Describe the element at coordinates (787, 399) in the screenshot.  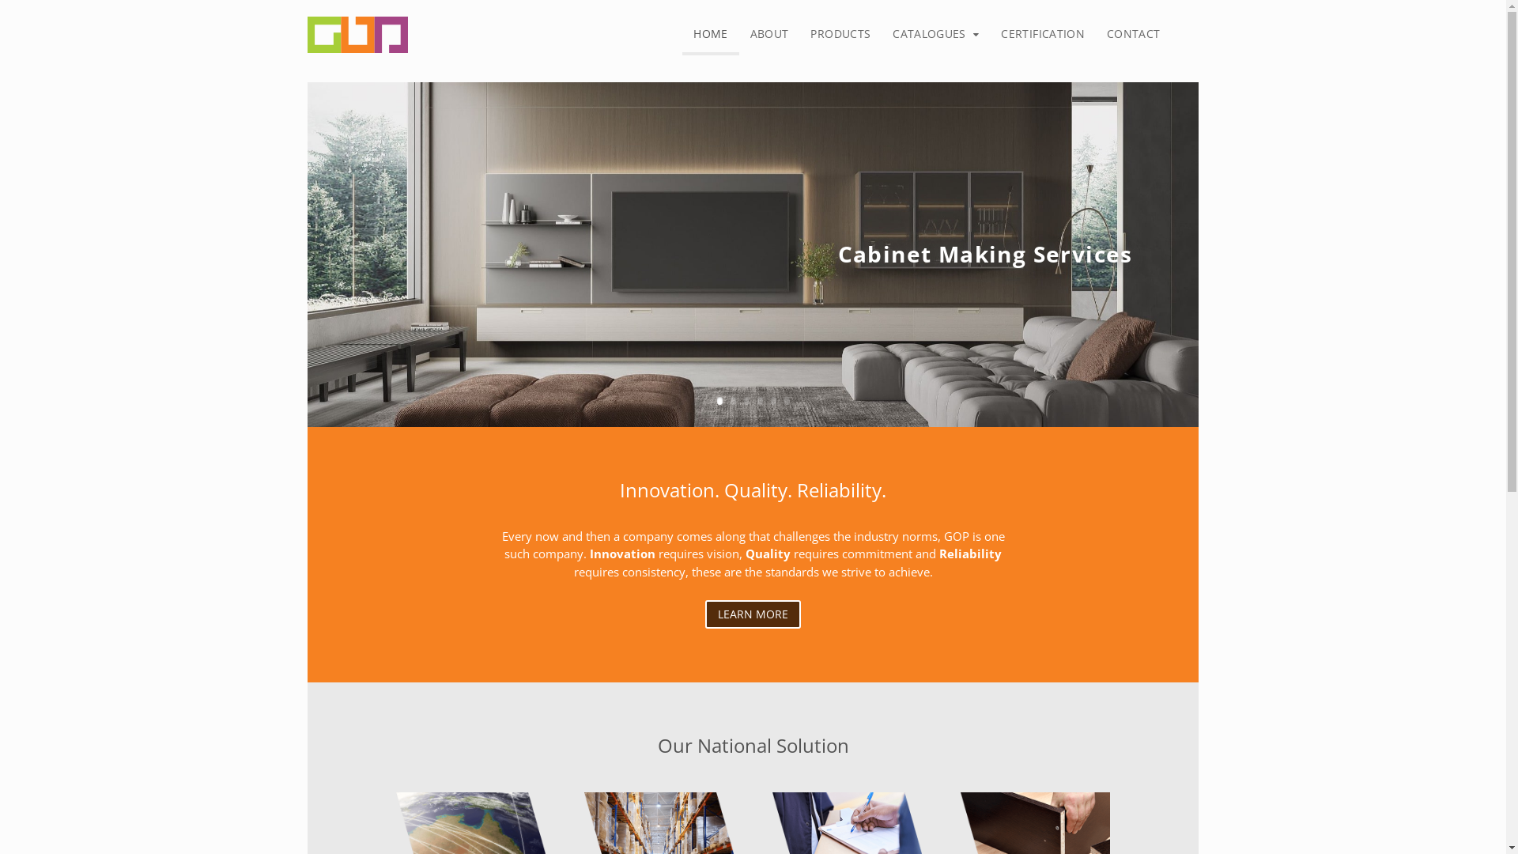
I see `'6'` at that location.